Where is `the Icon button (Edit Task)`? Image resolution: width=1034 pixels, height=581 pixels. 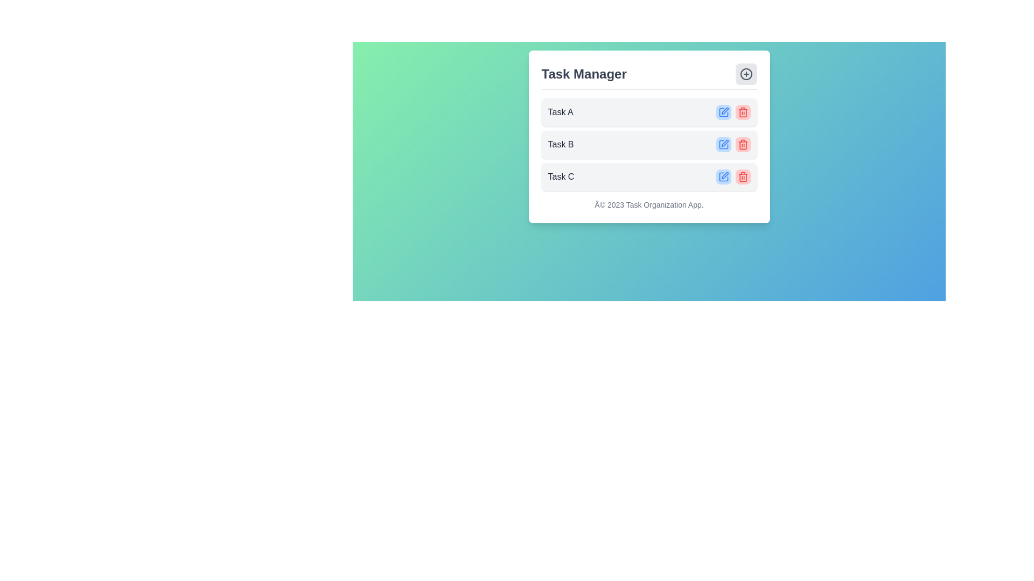 the Icon button (Edit Task) is located at coordinates (724, 175).